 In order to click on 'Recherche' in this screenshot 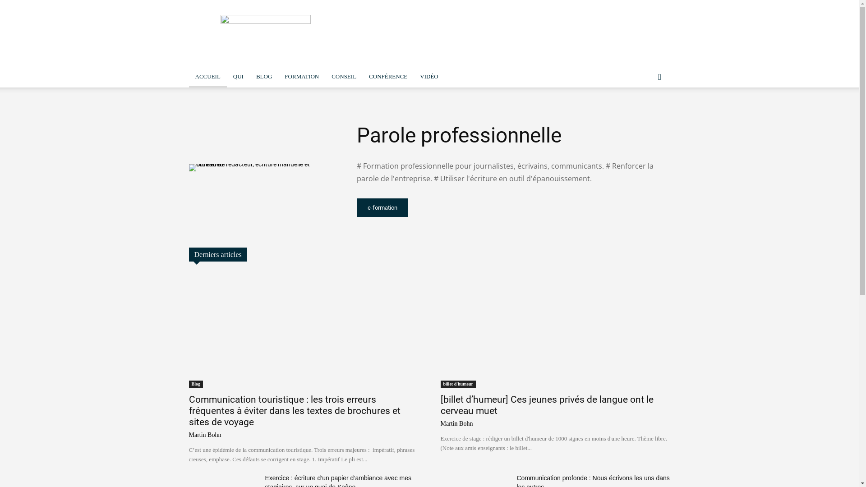, I will do `click(640, 112)`.